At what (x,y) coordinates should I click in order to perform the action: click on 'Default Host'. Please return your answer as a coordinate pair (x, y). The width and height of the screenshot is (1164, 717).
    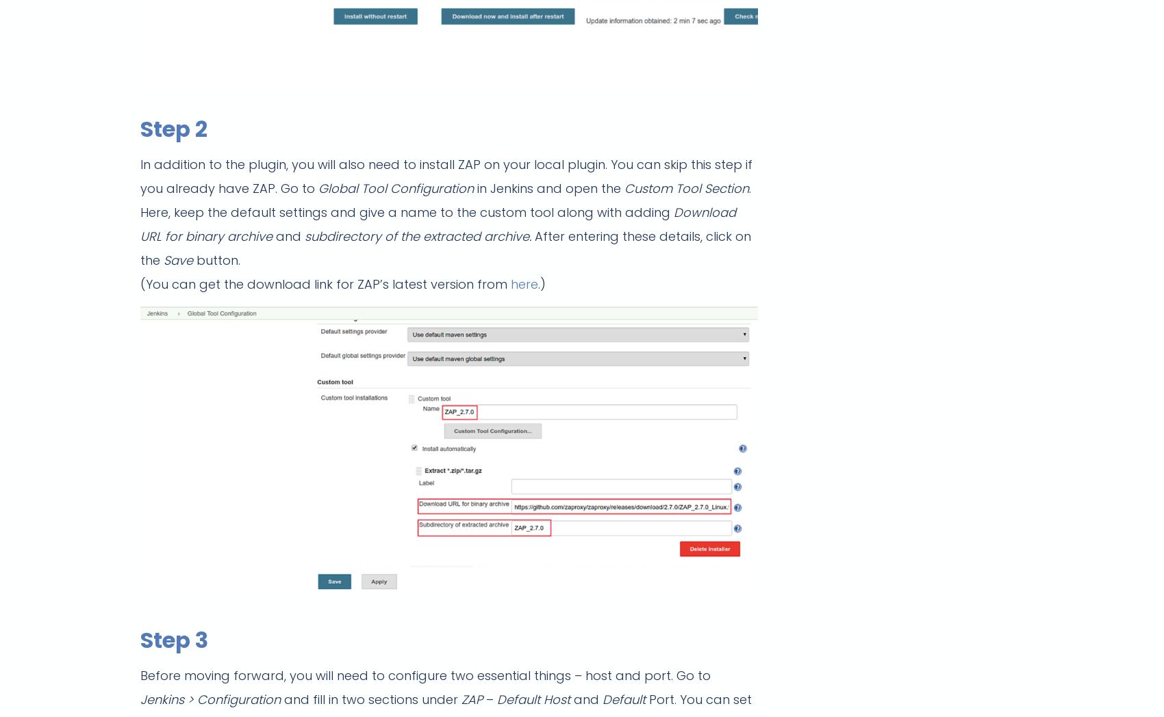
    Looking at the image, I should click on (533, 699).